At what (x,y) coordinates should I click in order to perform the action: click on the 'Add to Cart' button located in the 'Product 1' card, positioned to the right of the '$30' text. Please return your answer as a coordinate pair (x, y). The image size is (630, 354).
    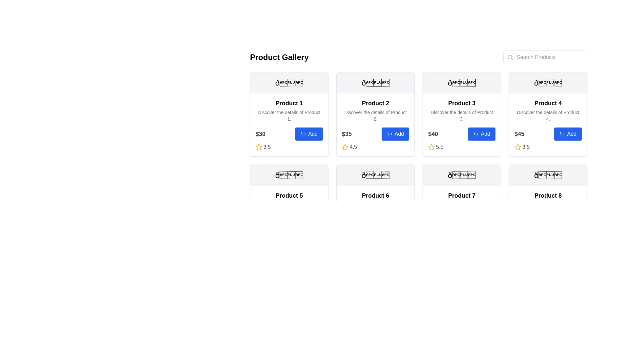
    Looking at the image, I should click on (308, 133).